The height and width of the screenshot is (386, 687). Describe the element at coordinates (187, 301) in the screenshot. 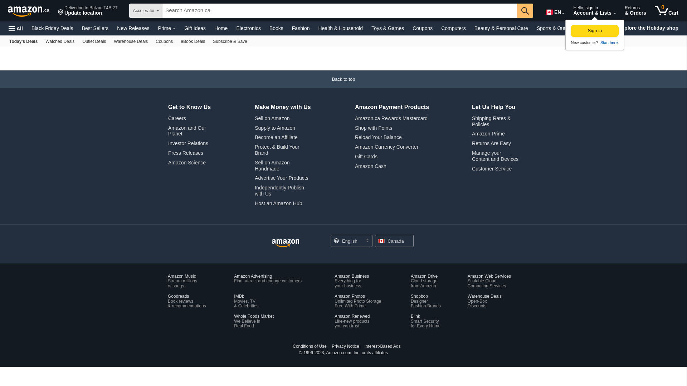

I see `'Goodreads` at that location.